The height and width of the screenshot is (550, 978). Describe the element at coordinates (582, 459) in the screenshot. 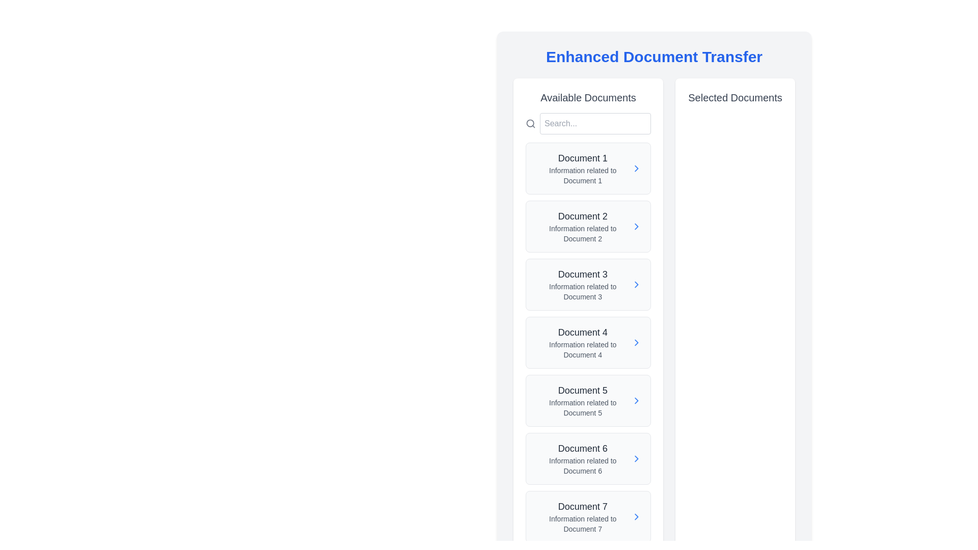

I see `on the text block labeled 'Document 6' in the 'Available Documents' list` at that location.